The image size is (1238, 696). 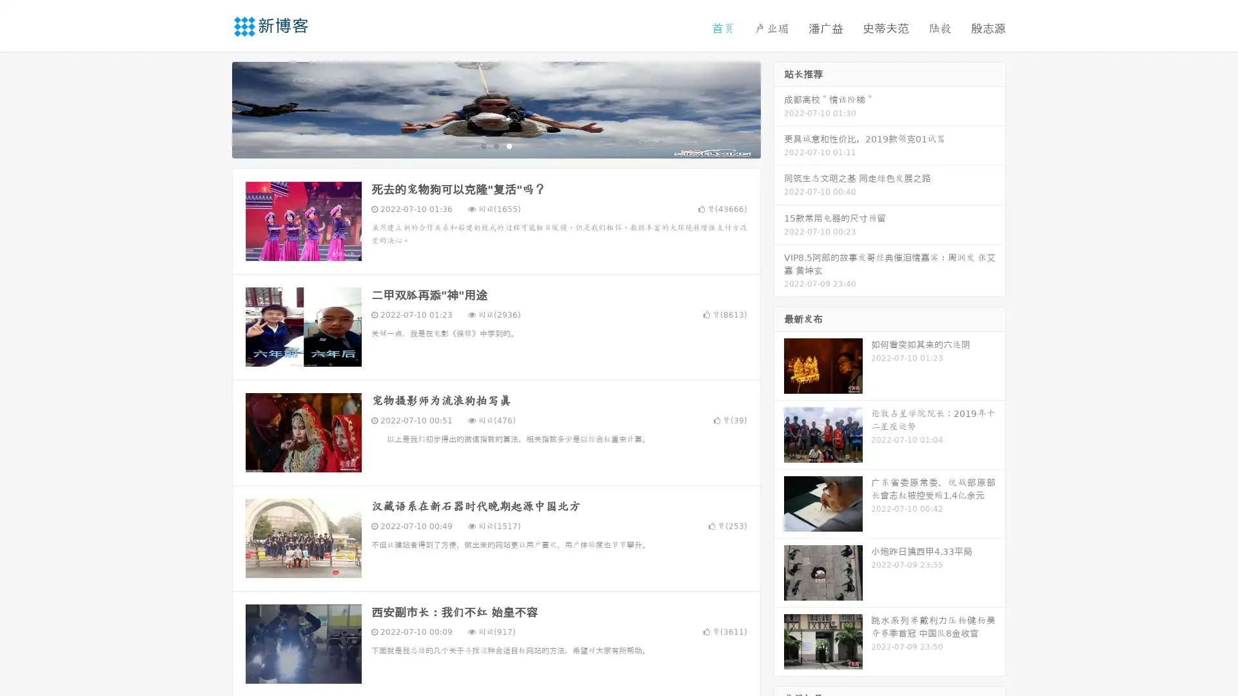 I want to click on Go to slide 3, so click(x=509, y=145).